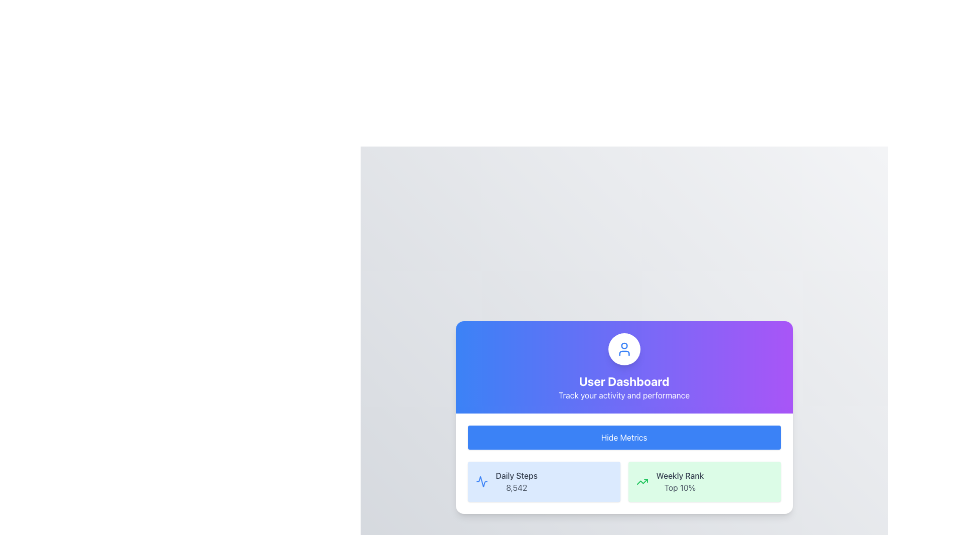 This screenshot has width=963, height=542. What do you see at coordinates (642, 481) in the screenshot?
I see `the upward trending green arrow icon located to the left of the 'Weekly Rank' text in the User Dashboard panel` at bounding box center [642, 481].